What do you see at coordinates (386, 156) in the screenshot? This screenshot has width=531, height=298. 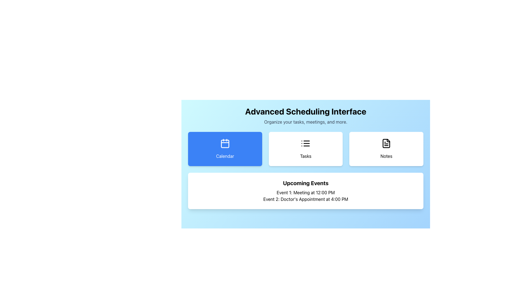 I see `the 'Notes' label at the bottom of the third card, which indicates the card's purpose or function` at bounding box center [386, 156].